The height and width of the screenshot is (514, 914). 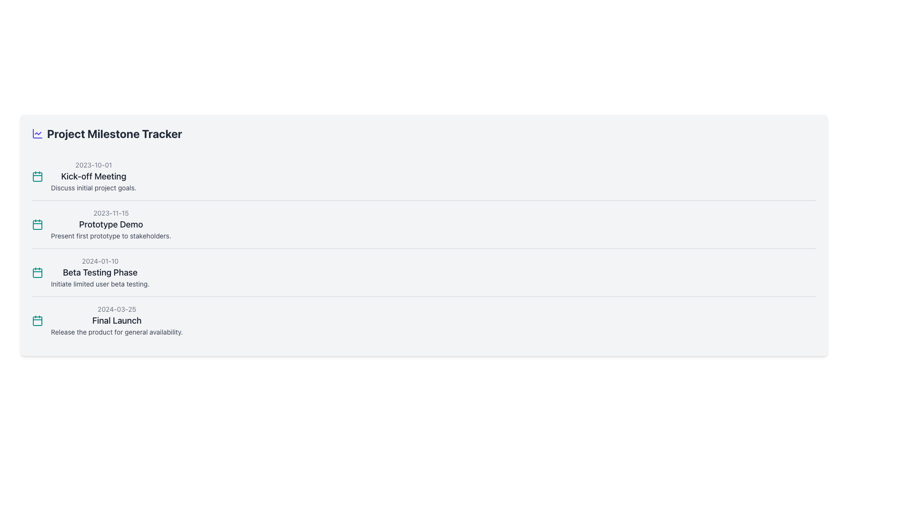 I want to click on the calendar icon located to the left of the text '2023-10-01 Kick-off Meeting Discuss initial project goals', so click(x=37, y=176).